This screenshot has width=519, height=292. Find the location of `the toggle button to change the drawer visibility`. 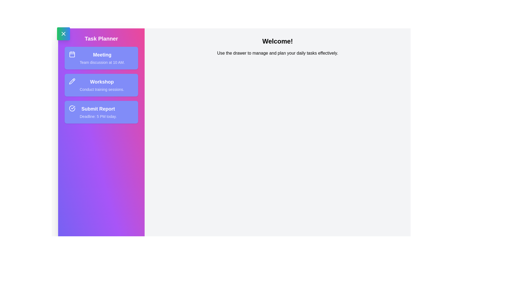

the toggle button to change the drawer visibility is located at coordinates (64, 34).